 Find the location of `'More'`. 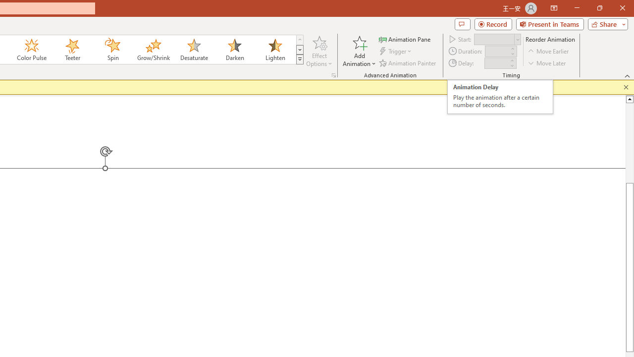

'More' is located at coordinates (512, 60).